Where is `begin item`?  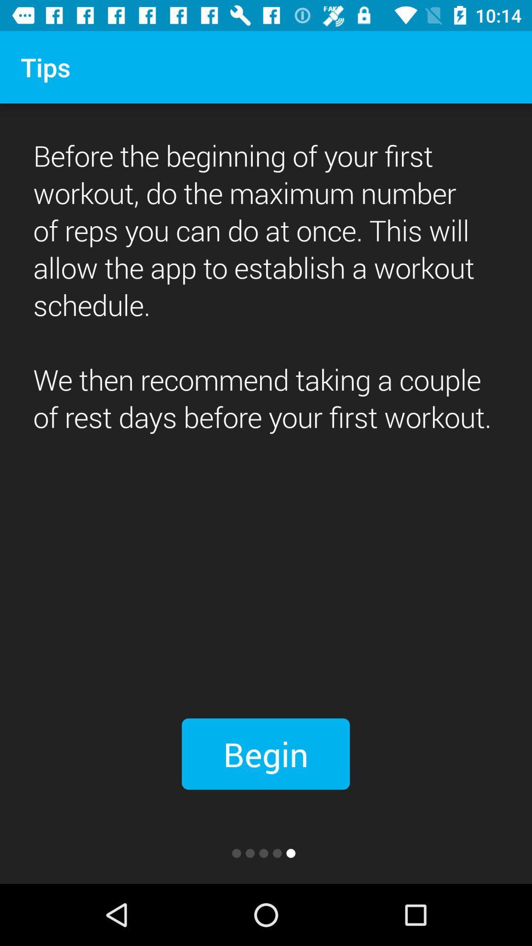 begin item is located at coordinates (265, 753).